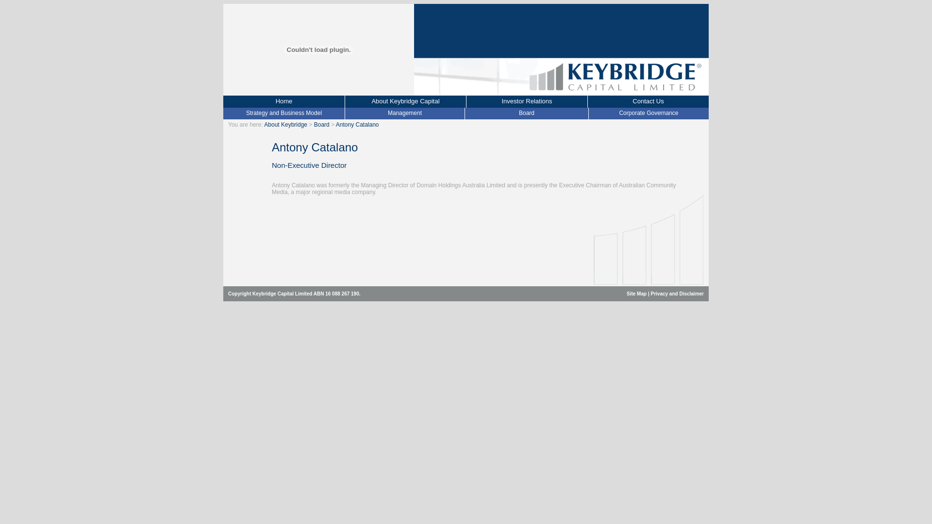  I want to click on 'Contact Us', so click(648, 101).